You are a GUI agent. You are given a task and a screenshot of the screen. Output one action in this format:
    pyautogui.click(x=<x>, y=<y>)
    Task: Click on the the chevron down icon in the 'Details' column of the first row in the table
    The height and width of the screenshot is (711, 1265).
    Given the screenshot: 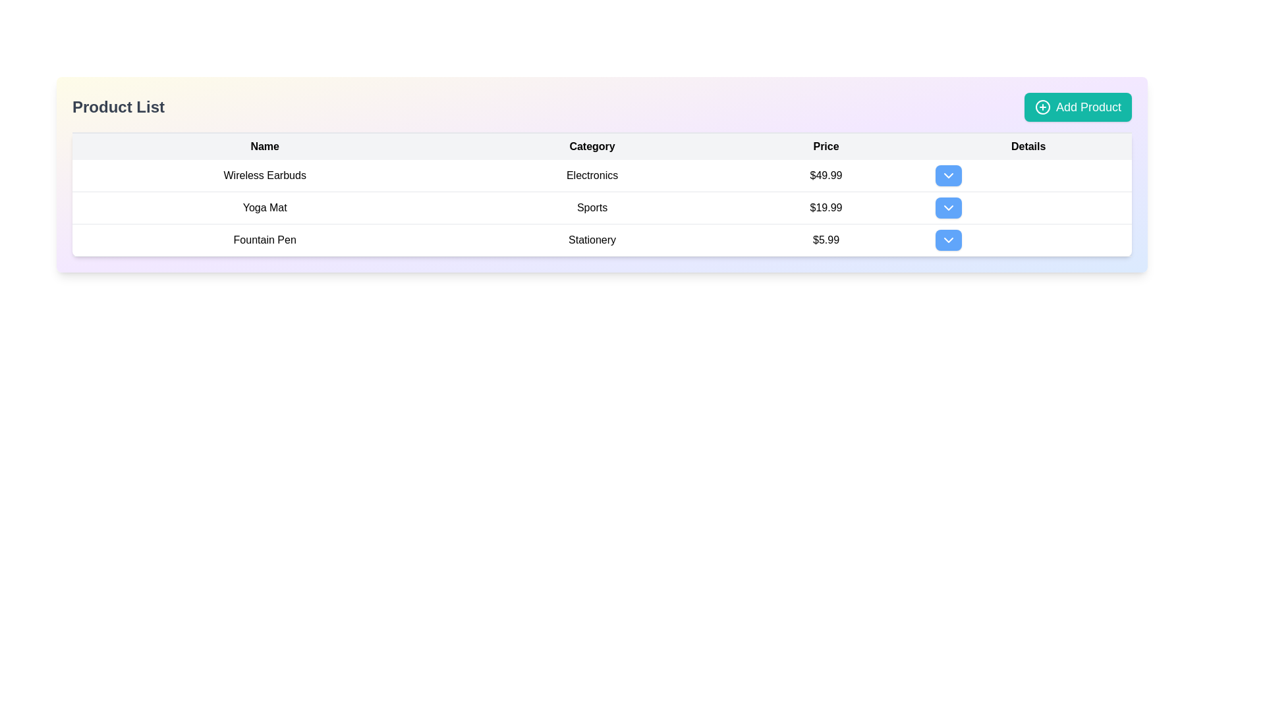 What is the action you would take?
    pyautogui.click(x=949, y=174)
    